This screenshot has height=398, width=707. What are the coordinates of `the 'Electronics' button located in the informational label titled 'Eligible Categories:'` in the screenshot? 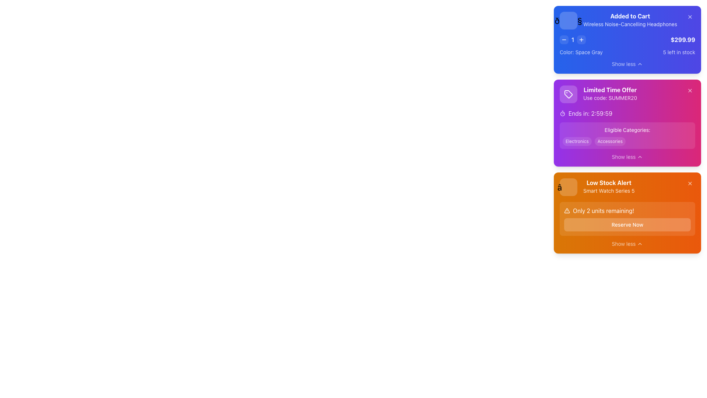 It's located at (627, 135).